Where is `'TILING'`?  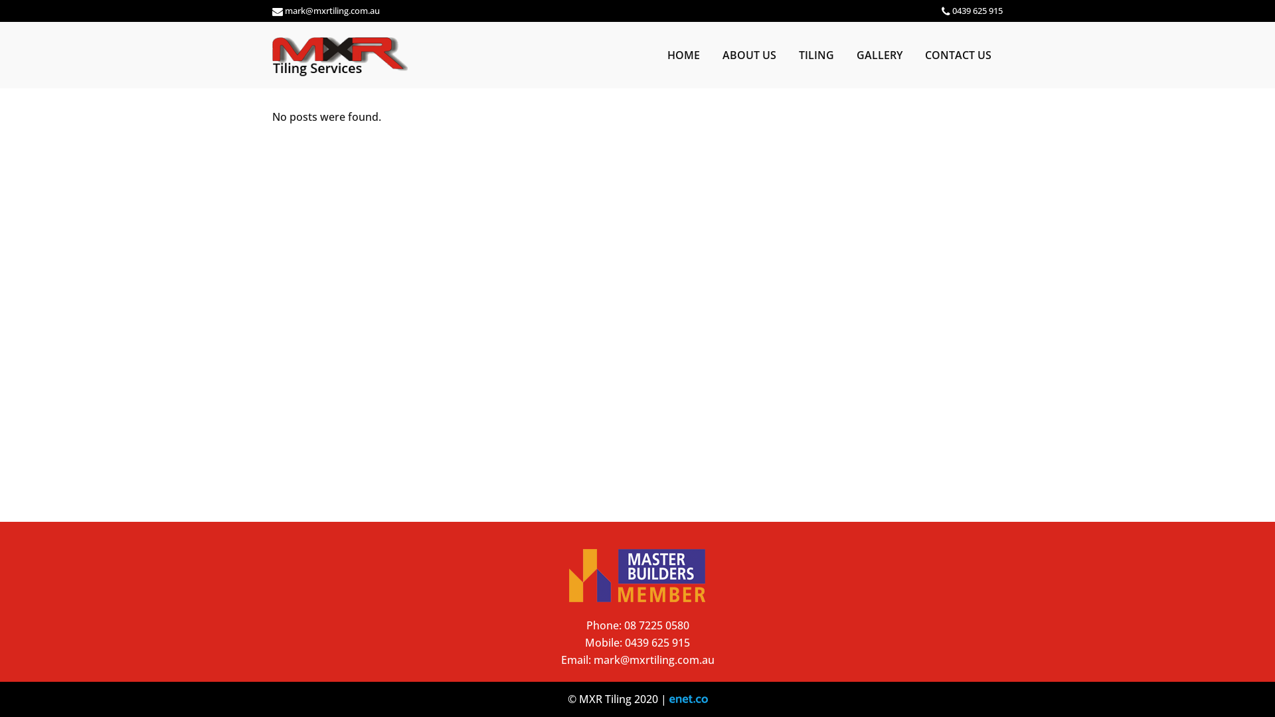 'TILING' is located at coordinates (787, 54).